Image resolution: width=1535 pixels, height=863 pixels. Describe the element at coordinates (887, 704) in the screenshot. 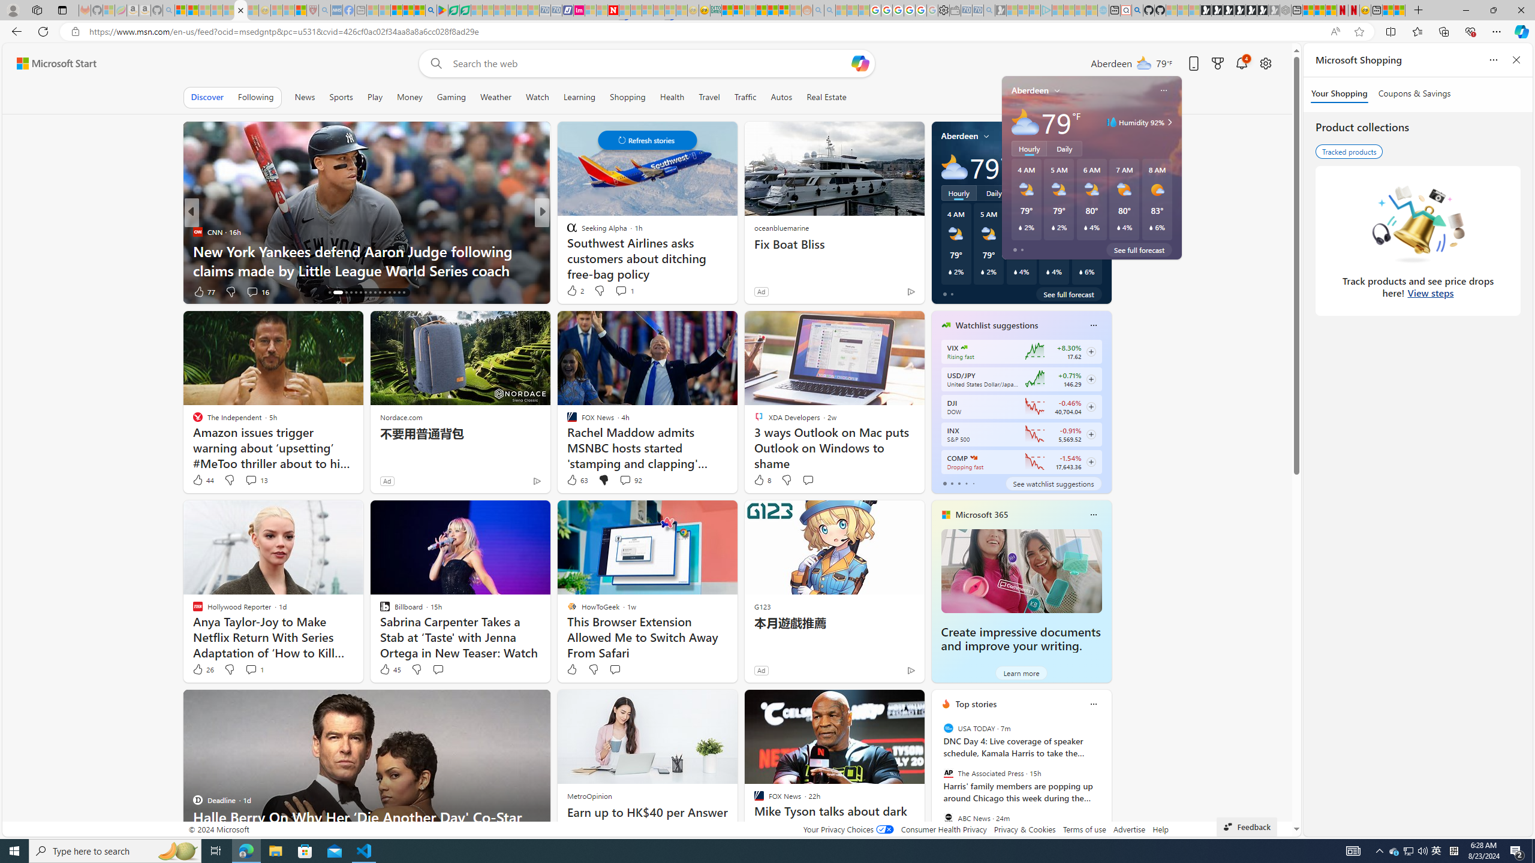

I see `'Hide this story'` at that location.